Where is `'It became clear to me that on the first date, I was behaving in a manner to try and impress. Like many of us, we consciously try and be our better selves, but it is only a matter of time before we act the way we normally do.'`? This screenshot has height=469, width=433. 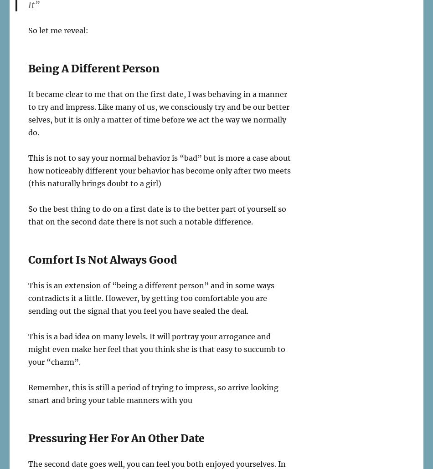 'It became clear to me that on the first date, I was behaving in a manner to try and impress. Like many of us, we consciously try and be our better selves, but it is only a matter of time before we act the way we normally do.' is located at coordinates (28, 113).